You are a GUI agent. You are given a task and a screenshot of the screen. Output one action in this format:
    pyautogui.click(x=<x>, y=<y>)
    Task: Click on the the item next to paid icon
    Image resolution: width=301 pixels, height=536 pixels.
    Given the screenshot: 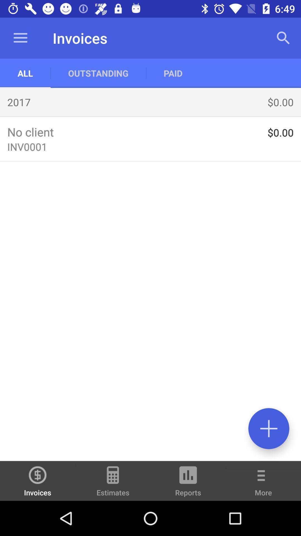 What is the action you would take?
    pyautogui.click(x=283, y=38)
    